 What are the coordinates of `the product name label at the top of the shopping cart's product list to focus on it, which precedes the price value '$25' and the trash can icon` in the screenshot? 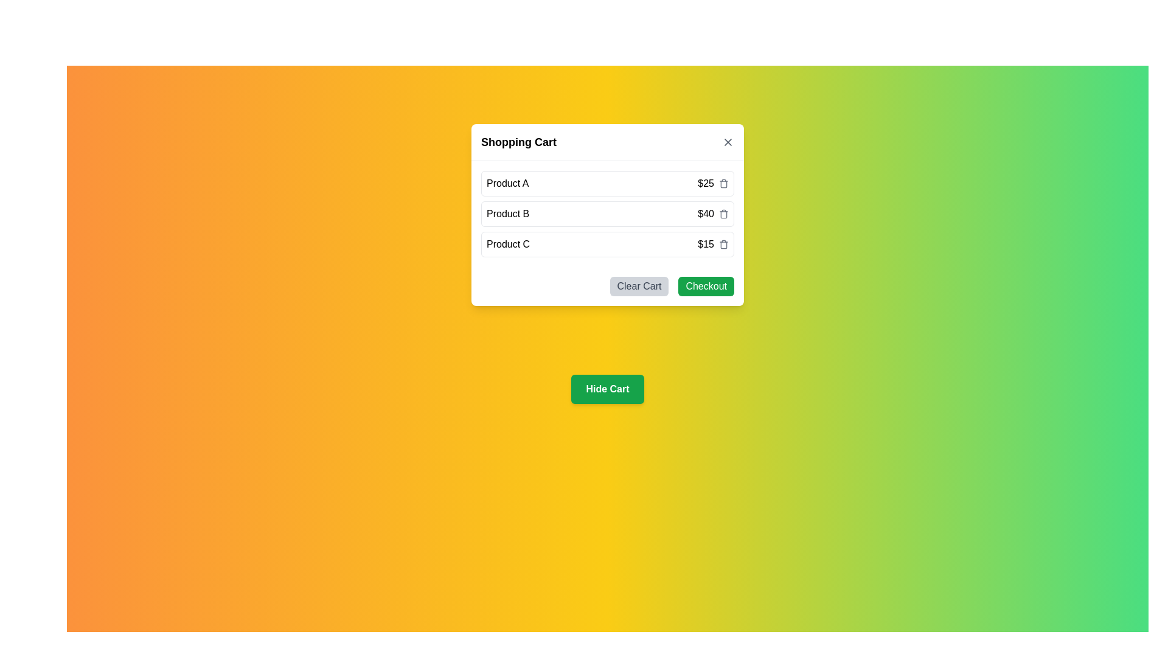 It's located at (507, 183).